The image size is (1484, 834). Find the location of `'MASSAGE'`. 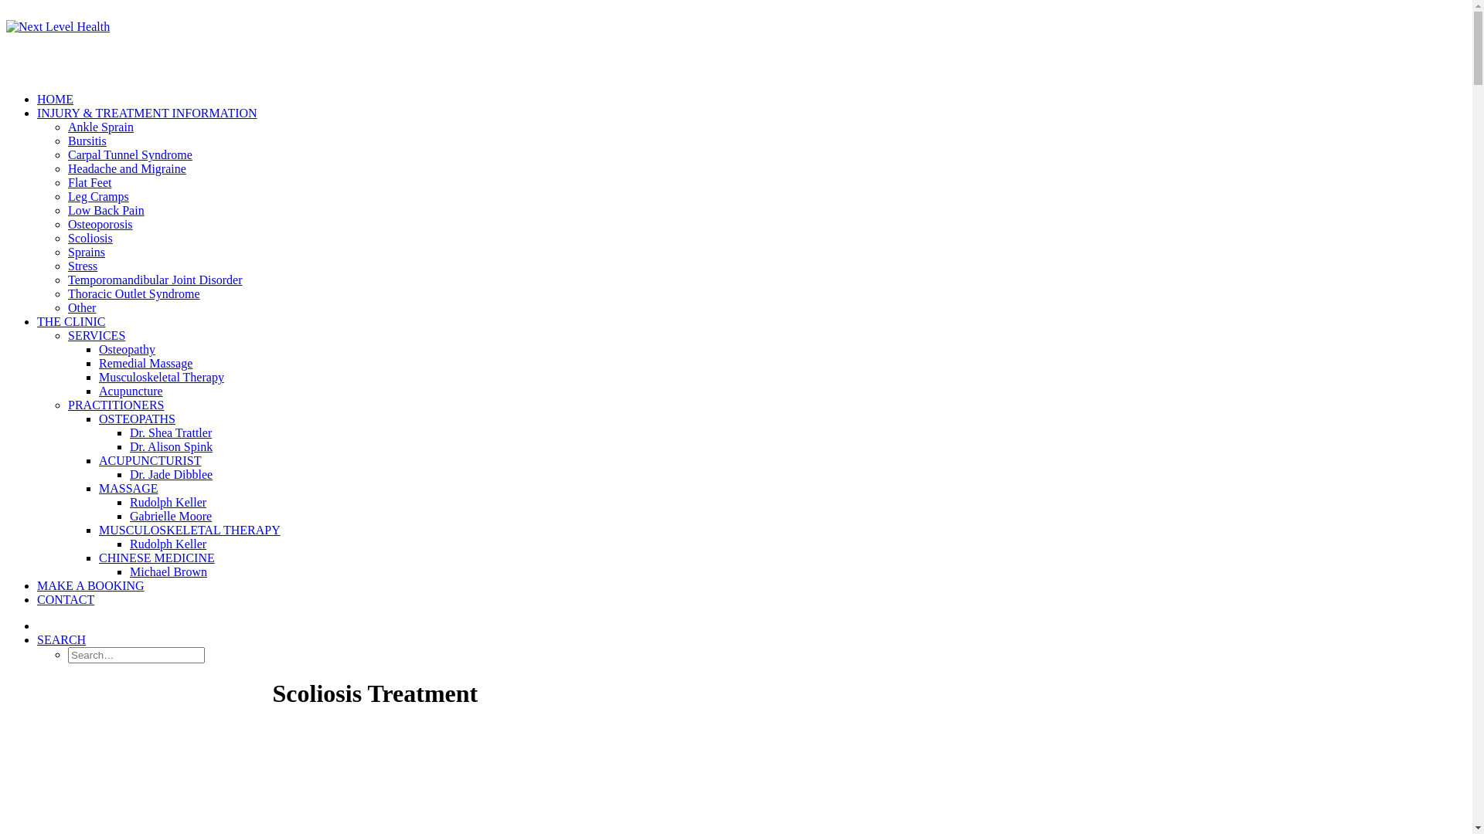

'MASSAGE' is located at coordinates (128, 488).